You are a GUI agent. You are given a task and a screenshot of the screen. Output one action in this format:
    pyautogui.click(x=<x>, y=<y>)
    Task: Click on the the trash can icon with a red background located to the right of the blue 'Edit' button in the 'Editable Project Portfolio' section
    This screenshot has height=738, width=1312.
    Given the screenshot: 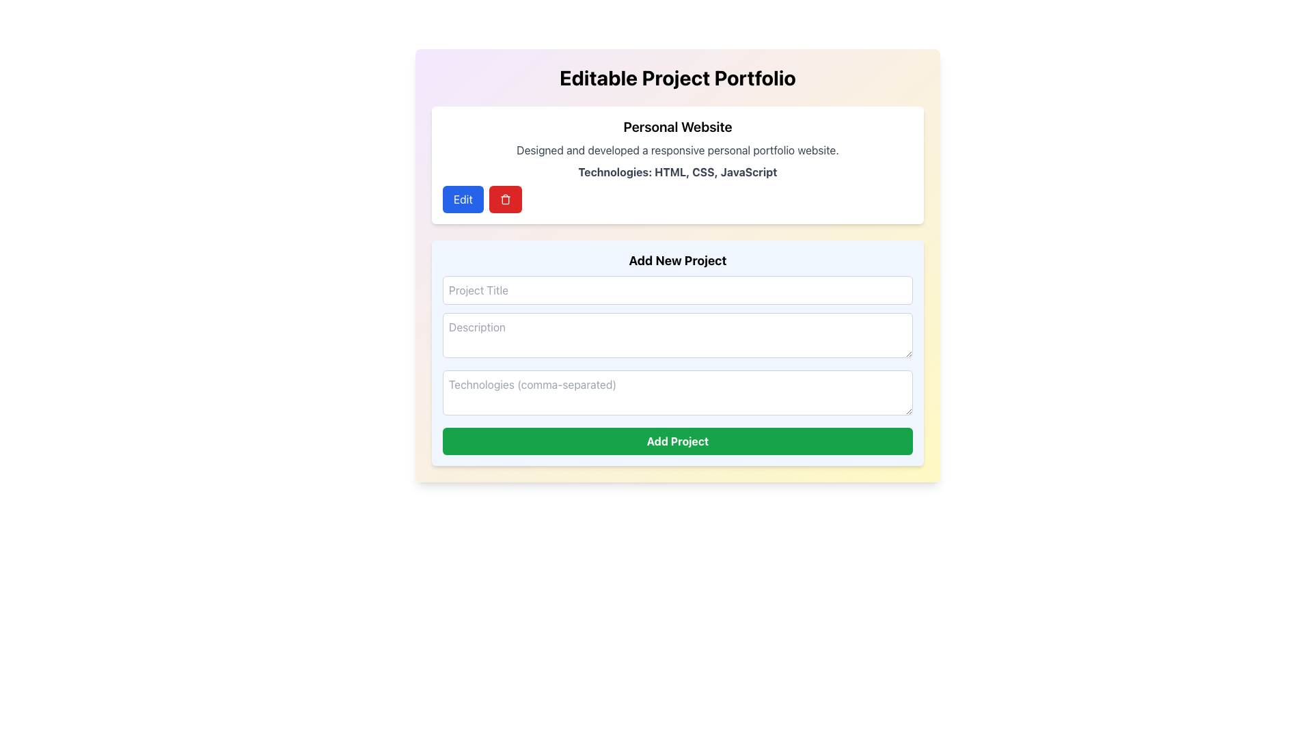 What is the action you would take?
    pyautogui.click(x=504, y=200)
    